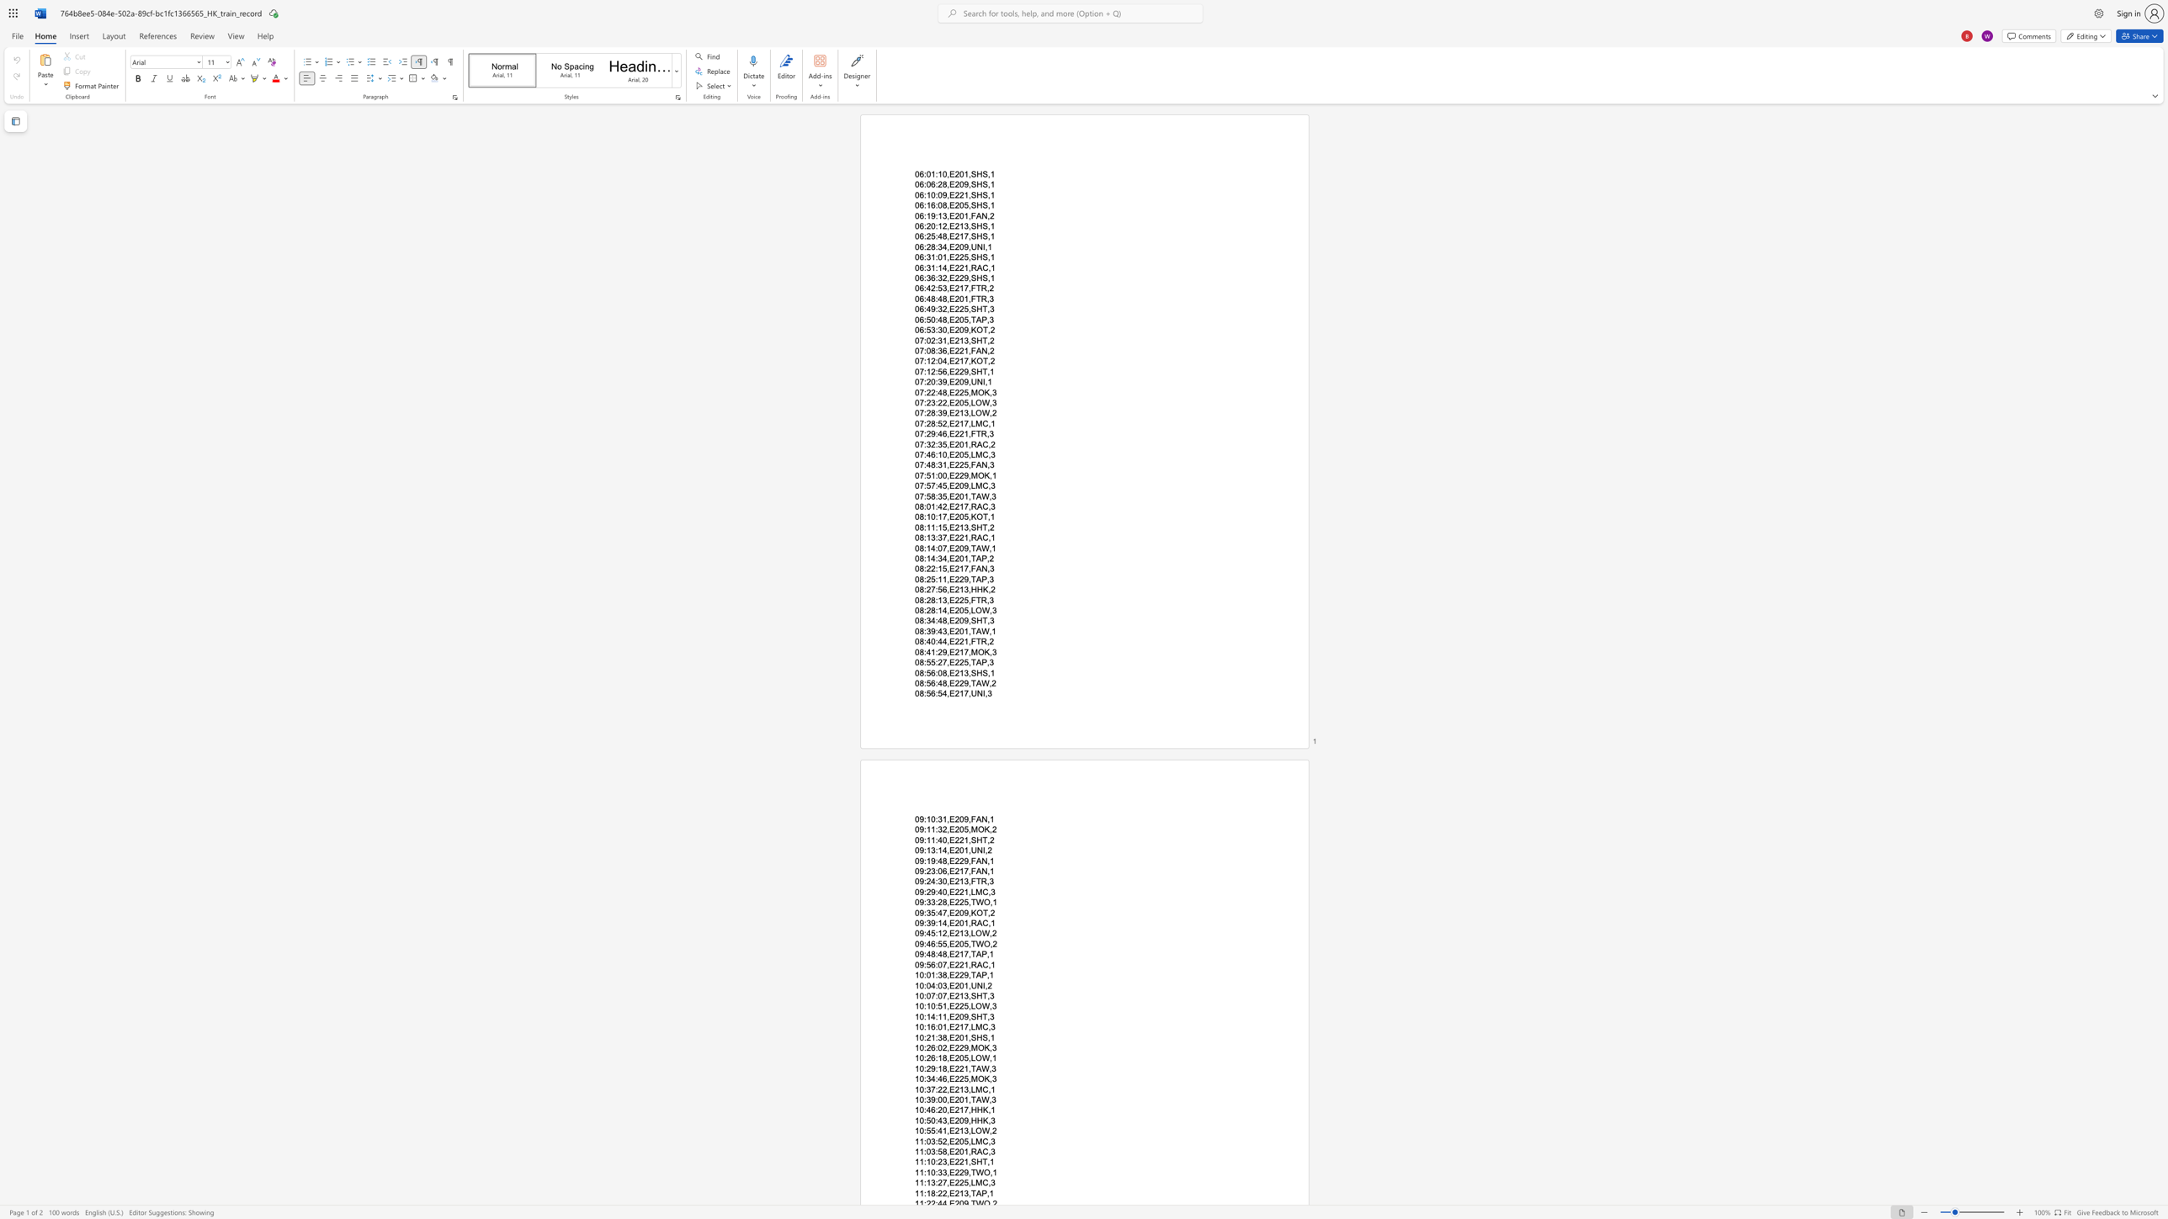  What do you see at coordinates (931, 1068) in the screenshot?
I see `the space between the continuous character "2" and "9" in the text` at bounding box center [931, 1068].